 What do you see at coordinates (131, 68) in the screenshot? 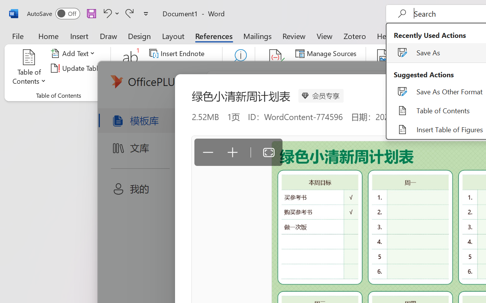
I see `'Insert Footnote'` at bounding box center [131, 68].